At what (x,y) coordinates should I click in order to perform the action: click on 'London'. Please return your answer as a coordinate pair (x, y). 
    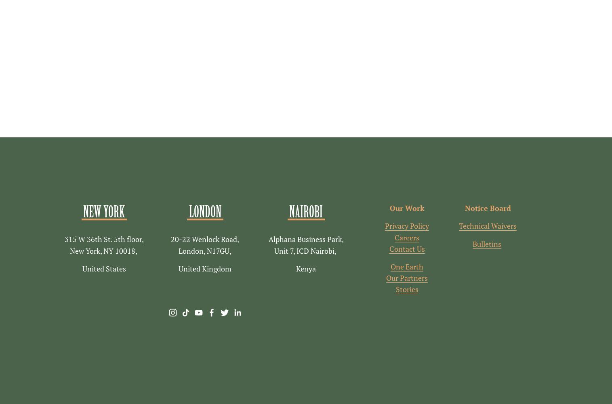
    Looking at the image, I should click on (189, 212).